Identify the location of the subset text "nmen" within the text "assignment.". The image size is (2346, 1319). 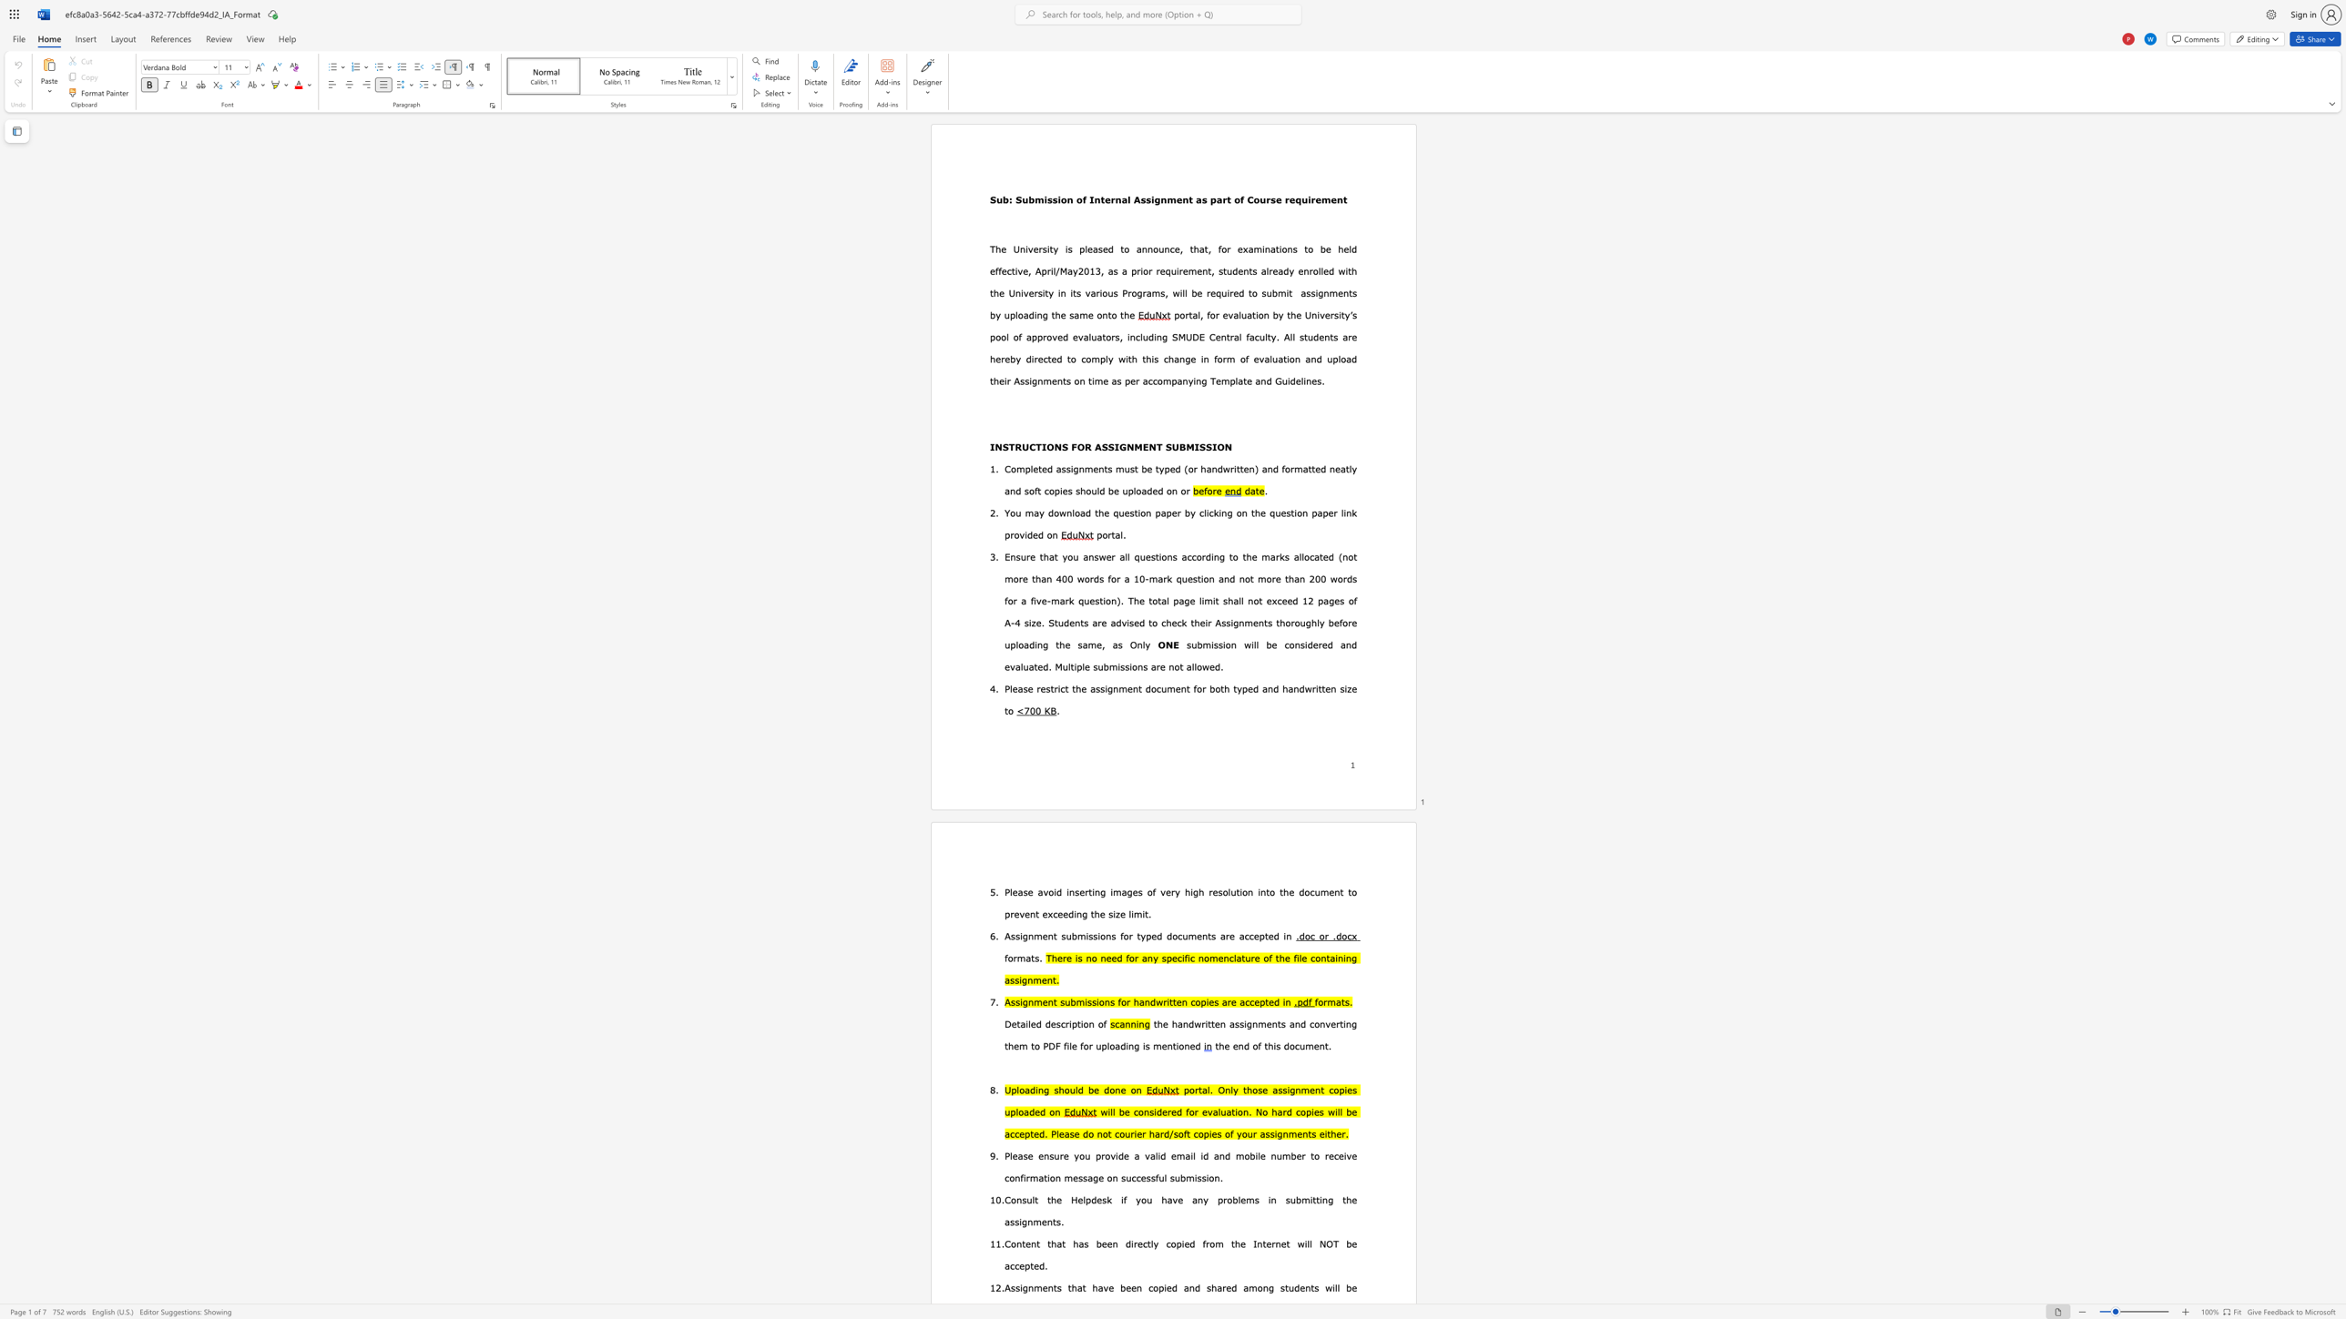
(1026, 979).